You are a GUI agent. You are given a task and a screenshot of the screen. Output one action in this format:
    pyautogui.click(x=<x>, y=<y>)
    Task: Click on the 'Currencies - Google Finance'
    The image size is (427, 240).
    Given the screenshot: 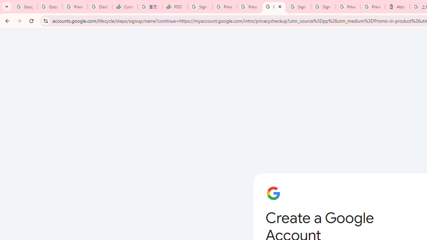 What is the action you would take?
    pyautogui.click(x=125, y=7)
    